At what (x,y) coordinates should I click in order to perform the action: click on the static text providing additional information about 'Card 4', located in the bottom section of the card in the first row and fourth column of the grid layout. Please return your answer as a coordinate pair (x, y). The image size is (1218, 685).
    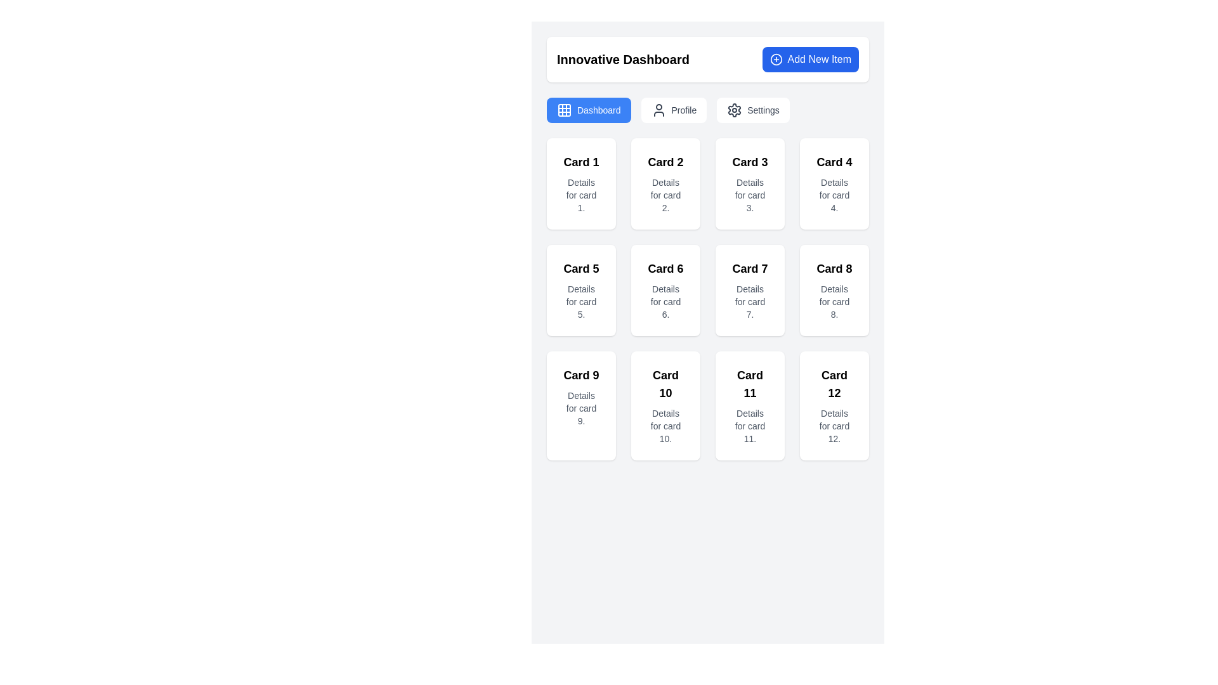
    Looking at the image, I should click on (834, 195).